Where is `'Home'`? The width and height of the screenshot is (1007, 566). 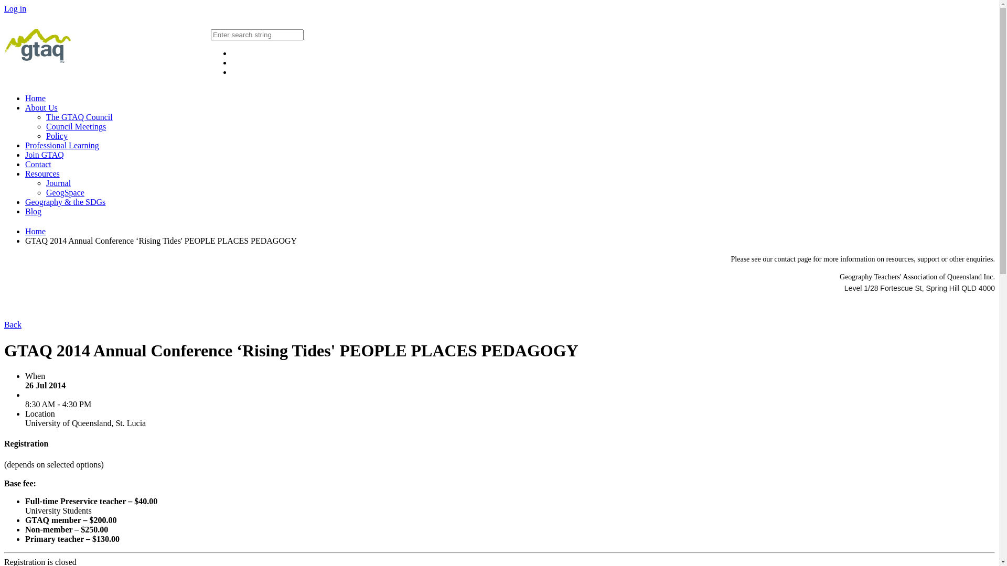 'Home' is located at coordinates (35, 231).